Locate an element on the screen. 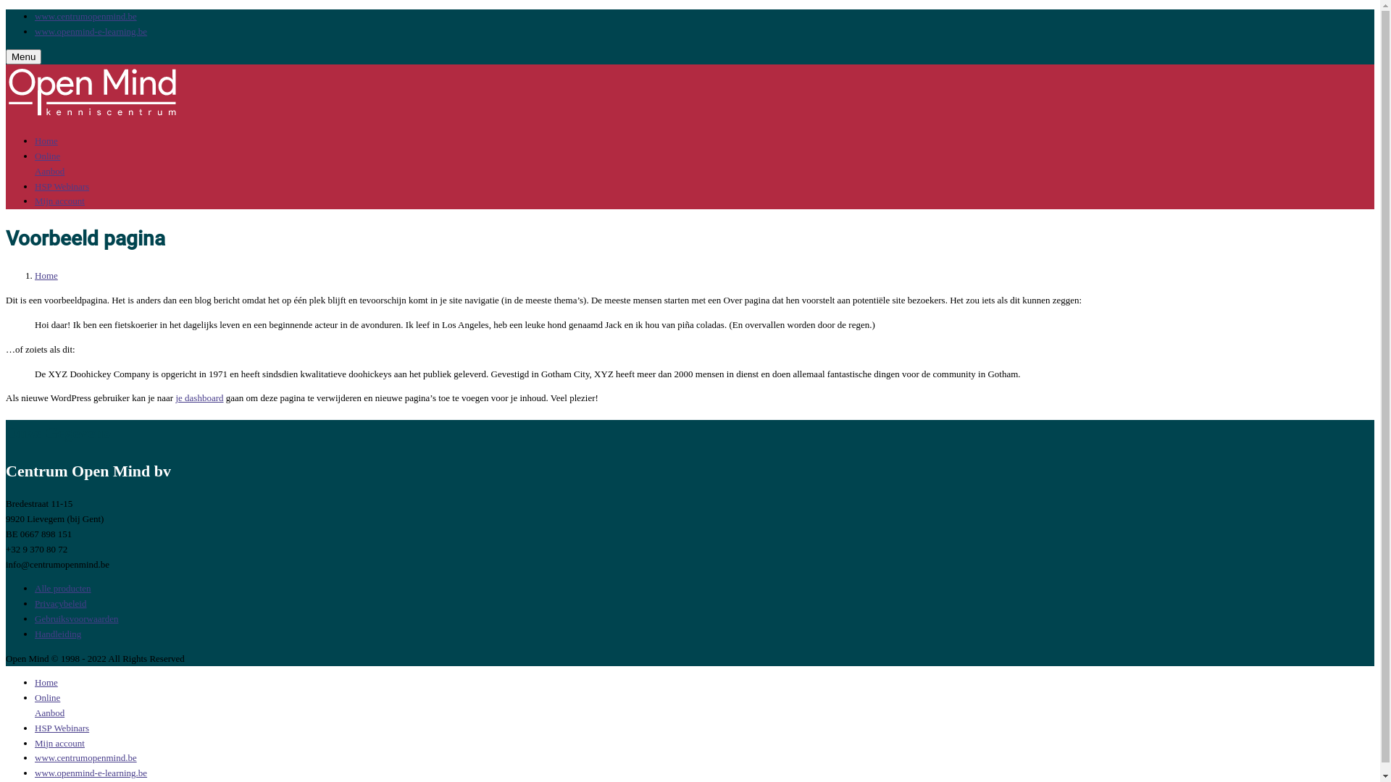 The height and width of the screenshot is (782, 1391). 'Online is located at coordinates (49, 705).